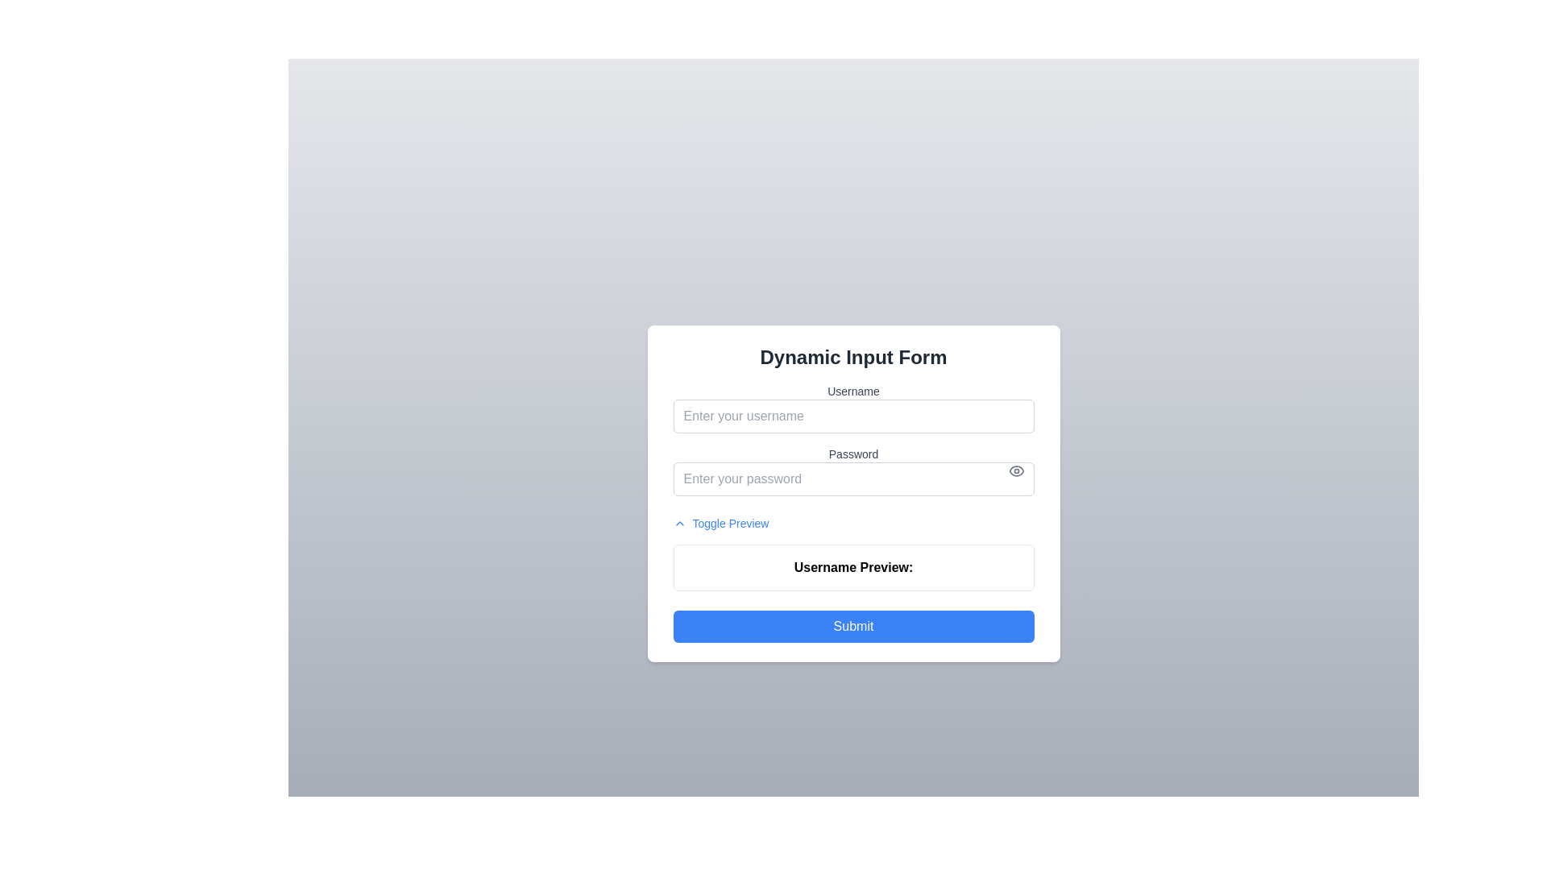 Image resolution: width=1547 pixels, height=870 pixels. What do you see at coordinates (679, 524) in the screenshot?
I see `the toggle icon` at bounding box center [679, 524].